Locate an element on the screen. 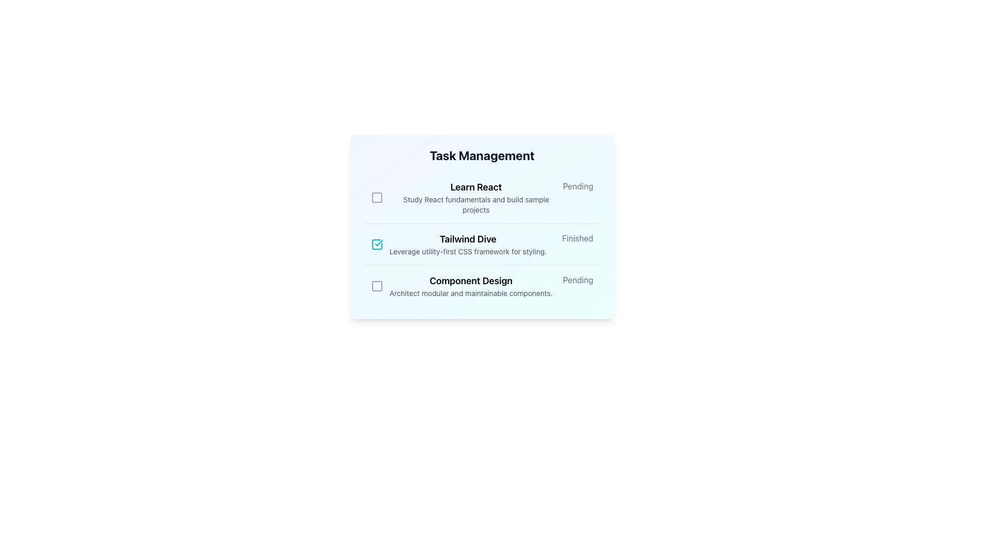  task information for the list item titled 'Tailwind Dive', which includes a checkbox, a bold title, a subtitle, and a status label 'Finished' is located at coordinates (481, 245).